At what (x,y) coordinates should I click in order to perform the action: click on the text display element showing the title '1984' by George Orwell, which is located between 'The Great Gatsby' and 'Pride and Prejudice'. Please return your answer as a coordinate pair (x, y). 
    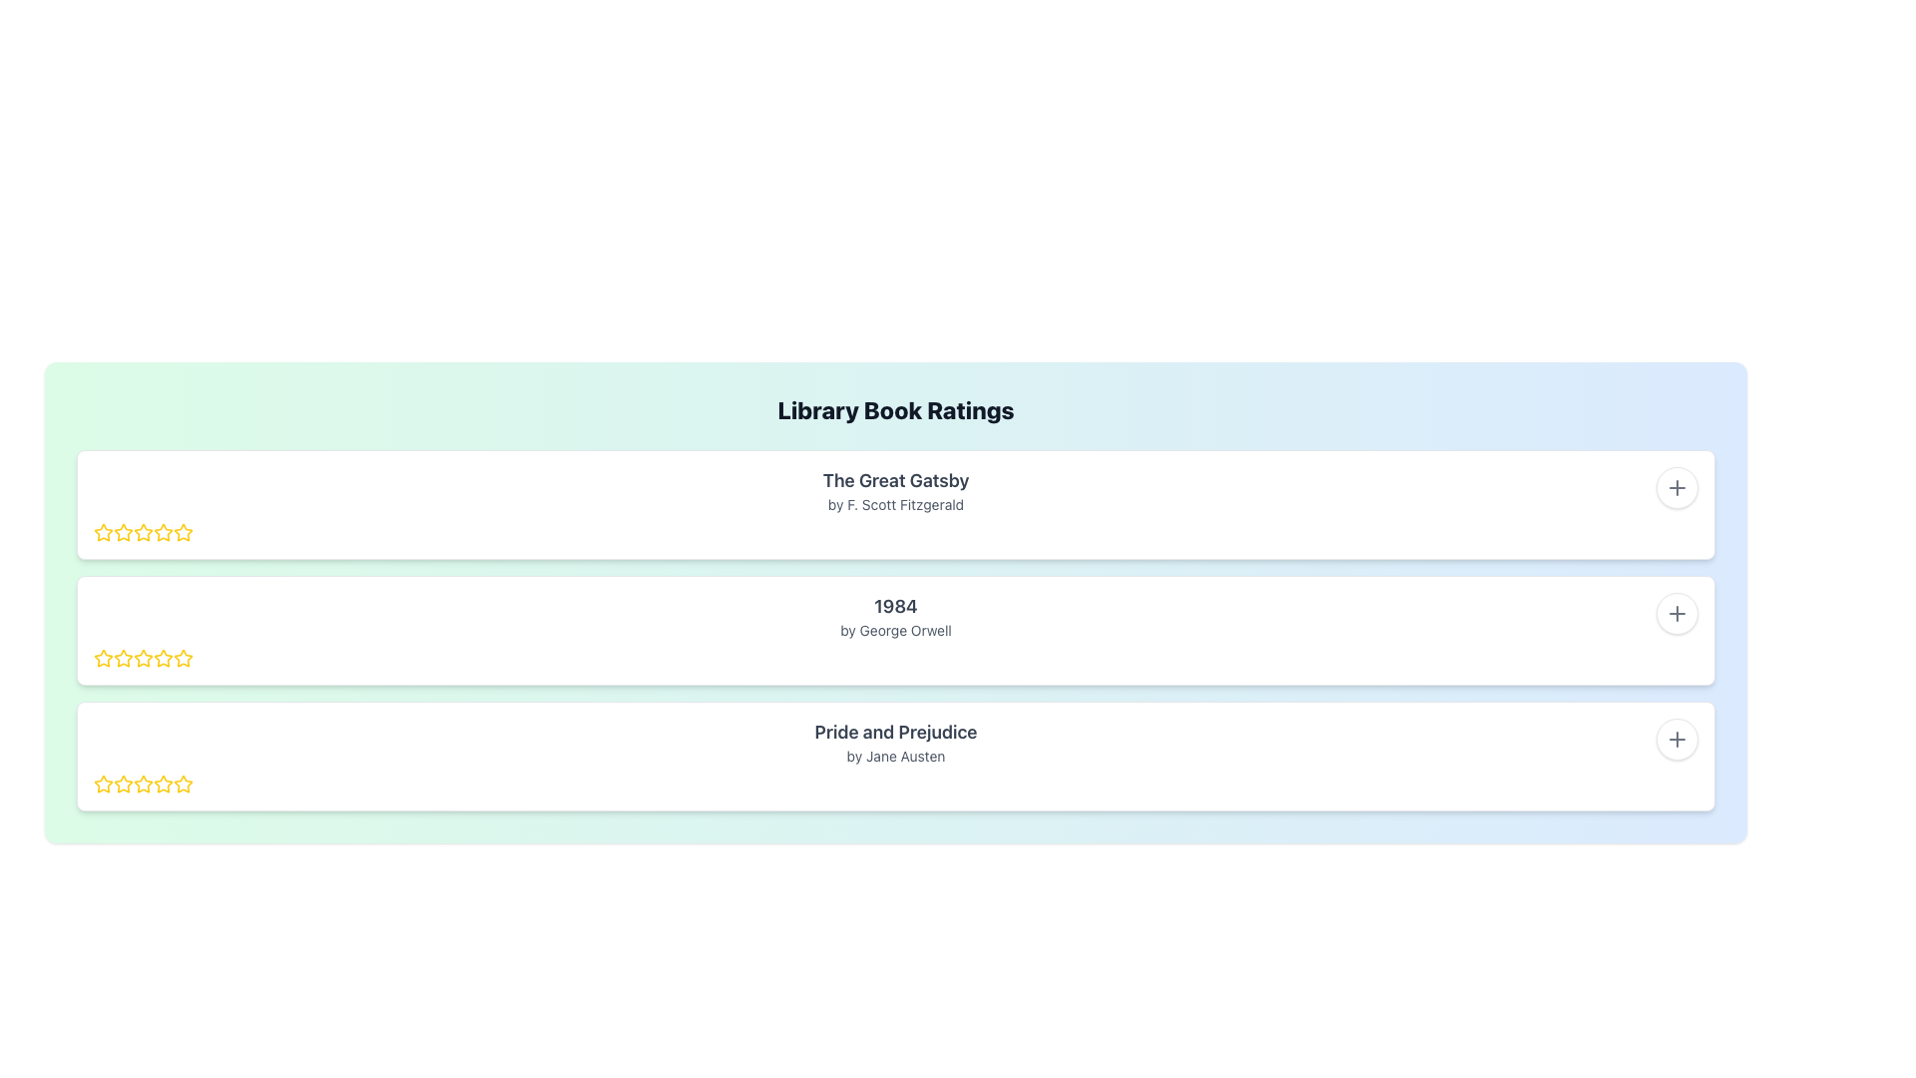
    Looking at the image, I should click on (894, 631).